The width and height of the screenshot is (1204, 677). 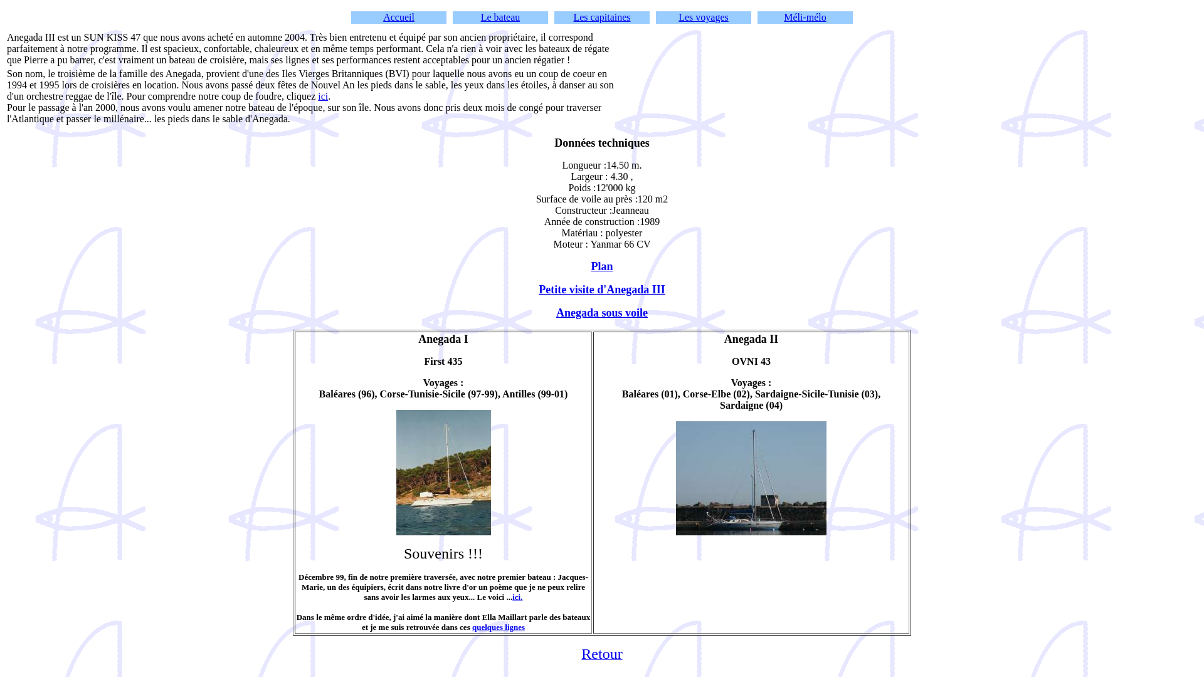 What do you see at coordinates (322, 95) in the screenshot?
I see `'ici'` at bounding box center [322, 95].